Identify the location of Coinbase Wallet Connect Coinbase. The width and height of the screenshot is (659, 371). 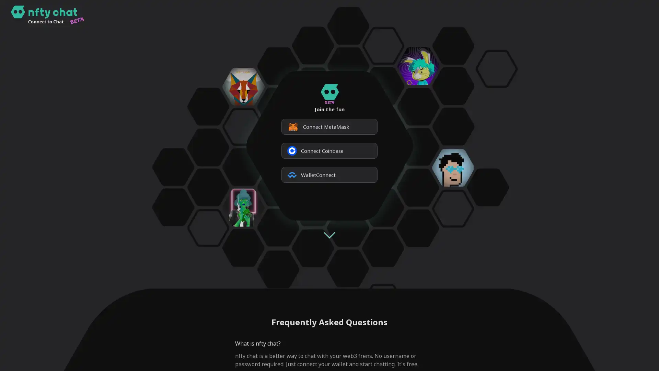
(329, 150).